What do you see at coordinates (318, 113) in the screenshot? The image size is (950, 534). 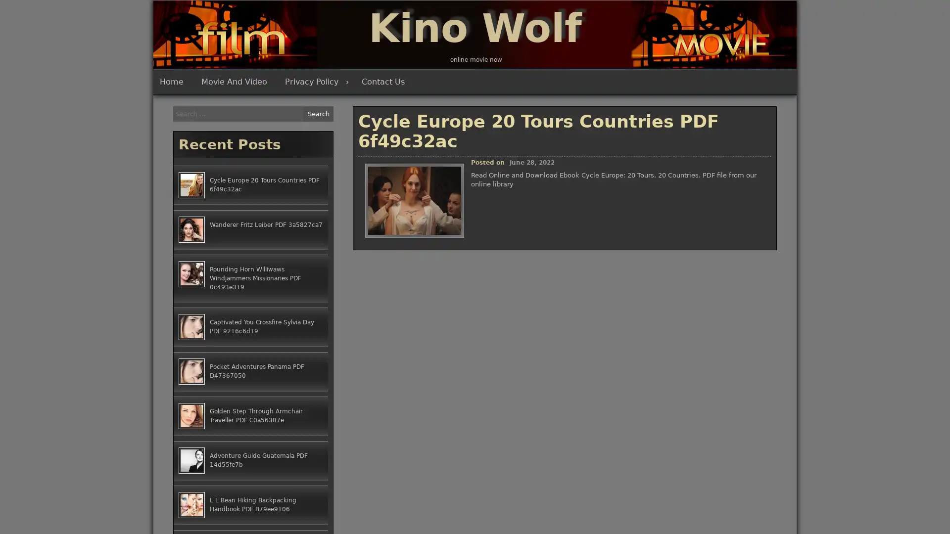 I see `Search` at bounding box center [318, 113].